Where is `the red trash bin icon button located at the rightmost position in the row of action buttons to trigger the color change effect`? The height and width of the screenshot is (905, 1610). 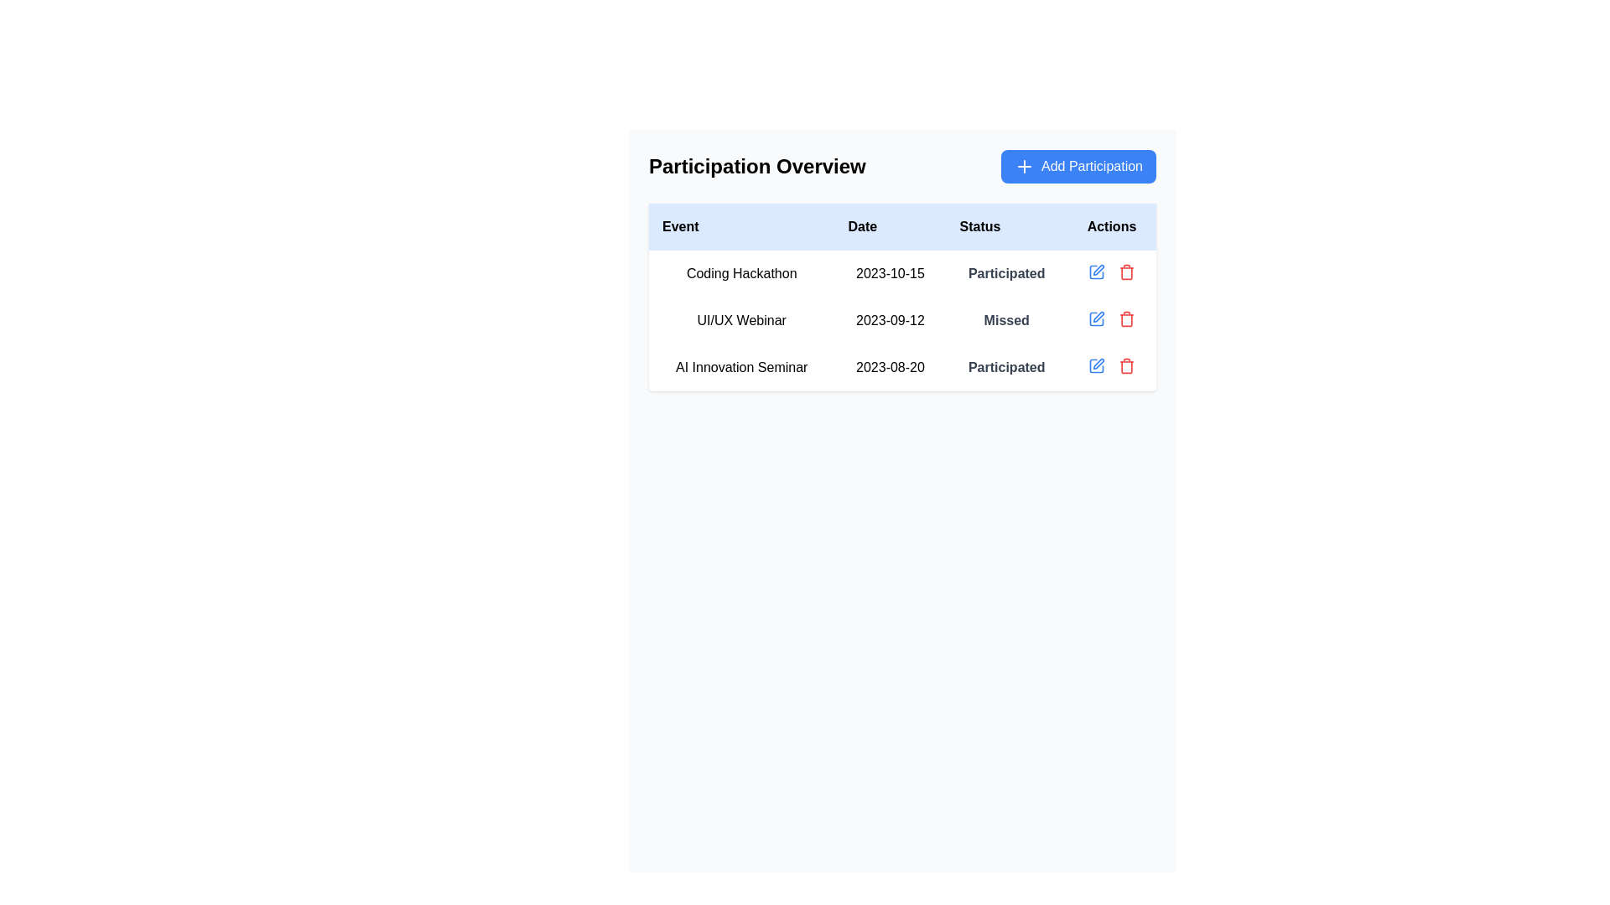 the red trash bin icon button located at the rightmost position in the row of action buttons to trigger the color change effect is located at coordinates (1127, 365).